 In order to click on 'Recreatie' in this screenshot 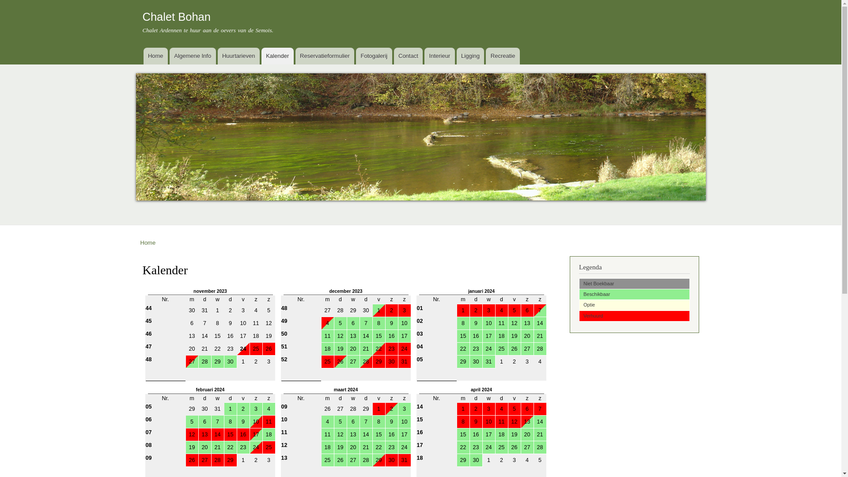, I will do `click(485, 56)`.